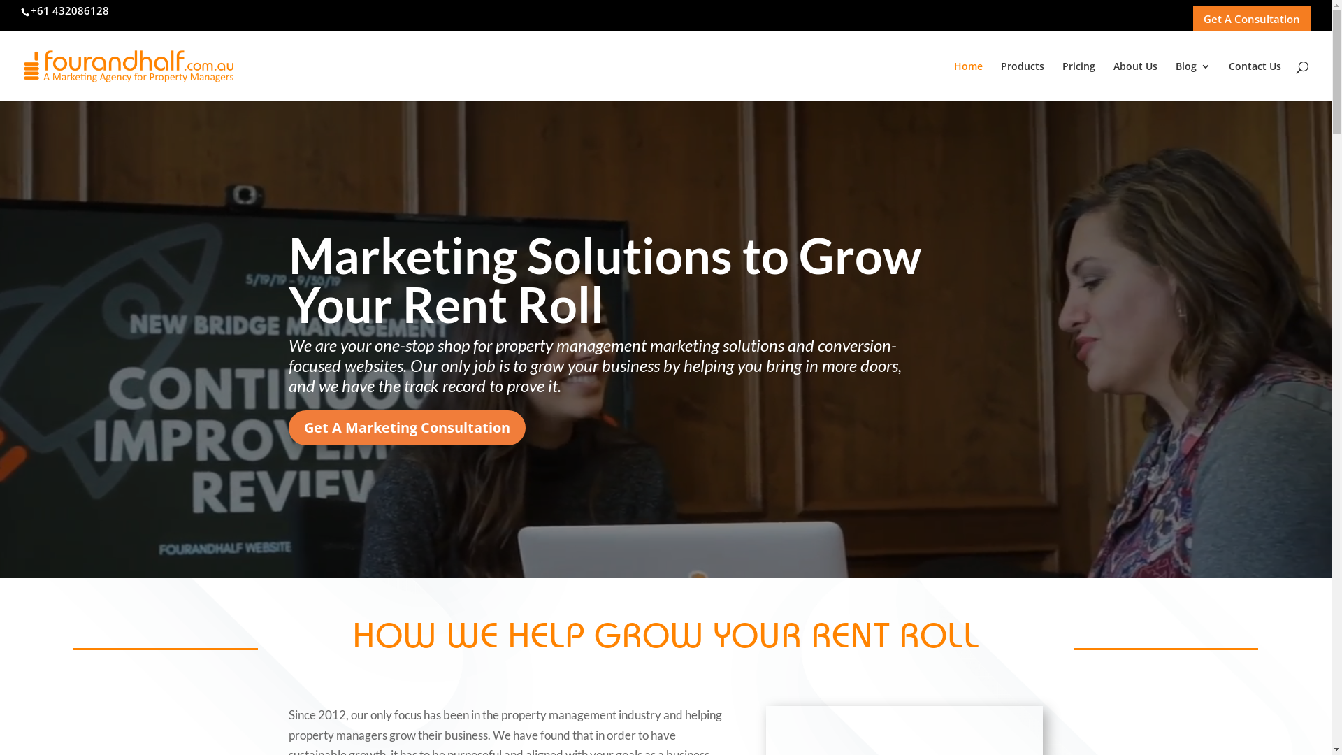 Image resolution: width=1342 pixels, height=755 pixels. What do you see at coordinates (1078, 81) in the screenshot?
I see `'Pricing'` at bounding box center [1078, 81].